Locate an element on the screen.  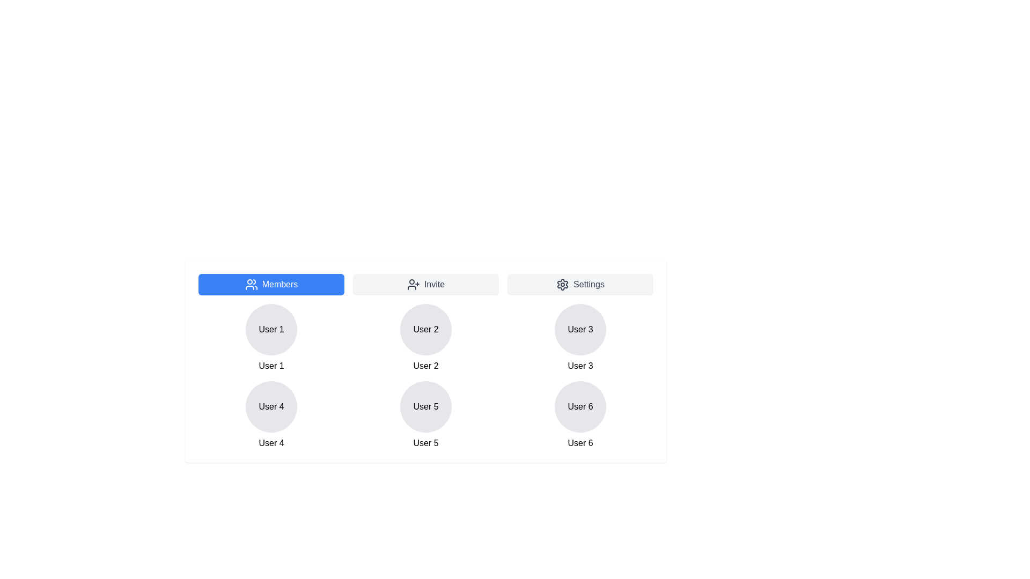
the user icon labeled 'User 4', which is a circular light-gray icon with the label below it is located at coordinates (271, 415).